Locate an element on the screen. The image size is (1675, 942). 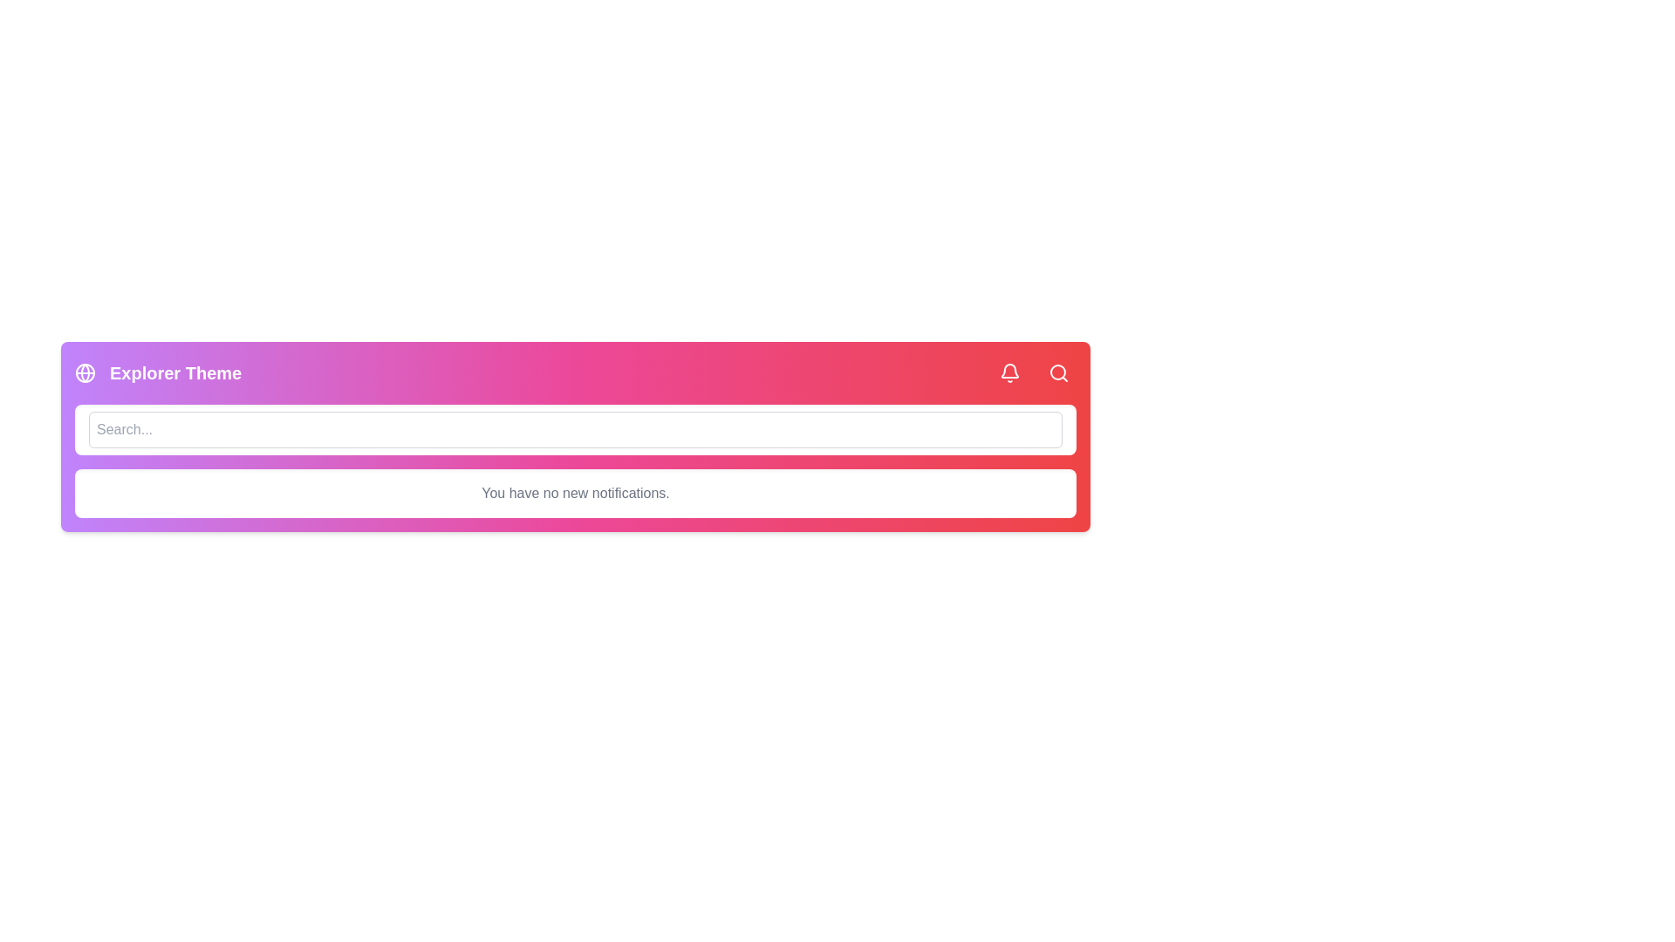
the 'Explorer Theme' text label to focus on it as it serves as a header within its section is located at coordinates (175, 372).